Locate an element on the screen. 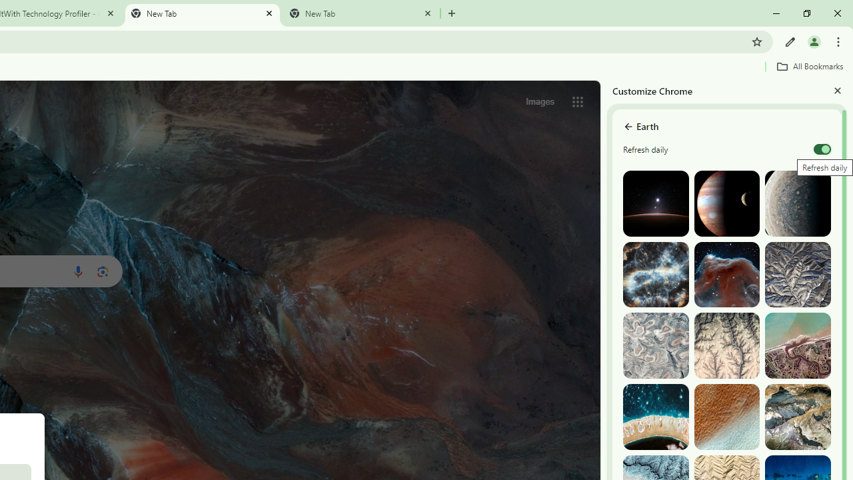  'All Bookmarks' is located at coordinates (809, 66).